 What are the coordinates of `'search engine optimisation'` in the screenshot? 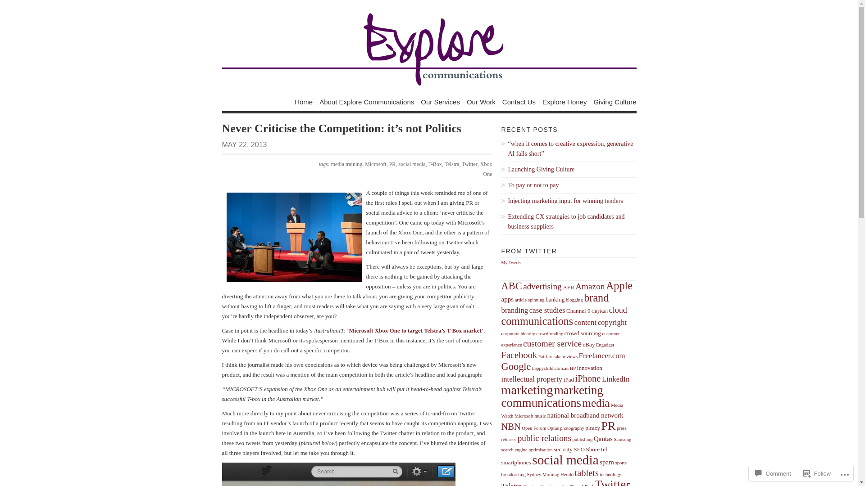 It's located at (527, 450).